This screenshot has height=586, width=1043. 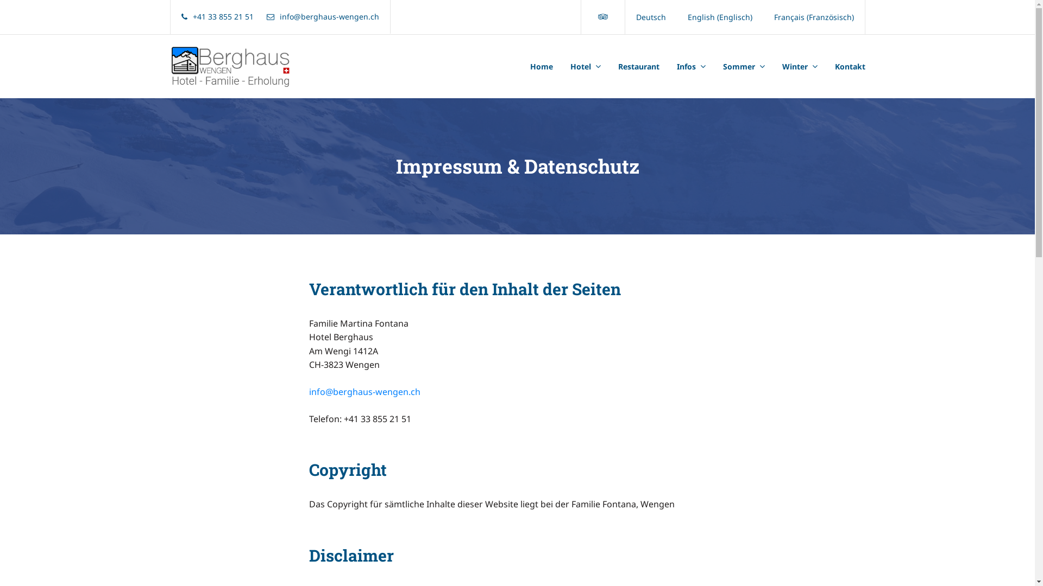 What do you see at coordinates (844, 67) in the screenshot?
I see `'Kontakt'` at bounding box center [844, 67].